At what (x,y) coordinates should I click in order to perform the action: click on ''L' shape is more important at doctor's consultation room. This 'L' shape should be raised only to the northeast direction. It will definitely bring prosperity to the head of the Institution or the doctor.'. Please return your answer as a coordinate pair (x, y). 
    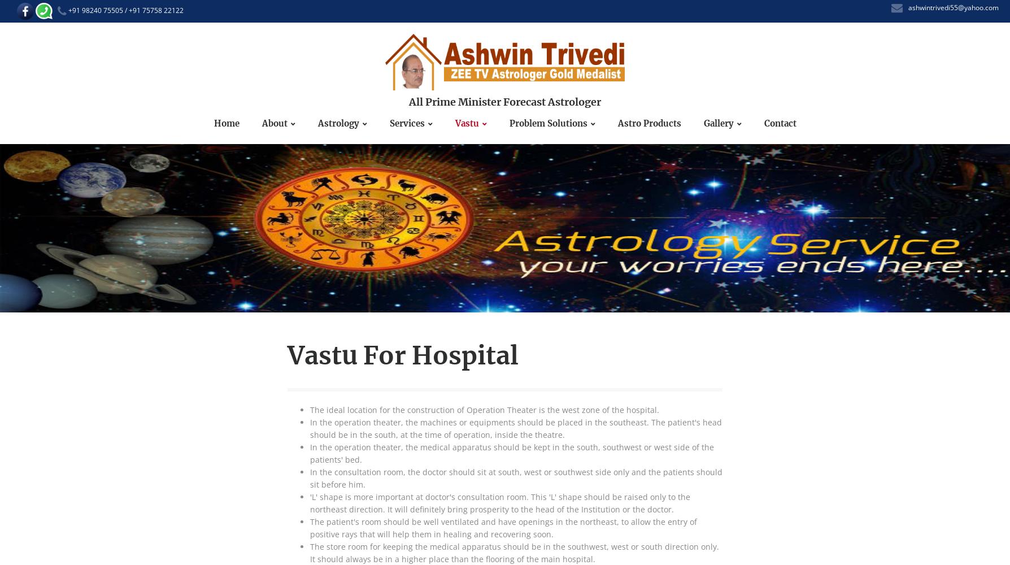
    Looking at the image, I should click on (499, 503).